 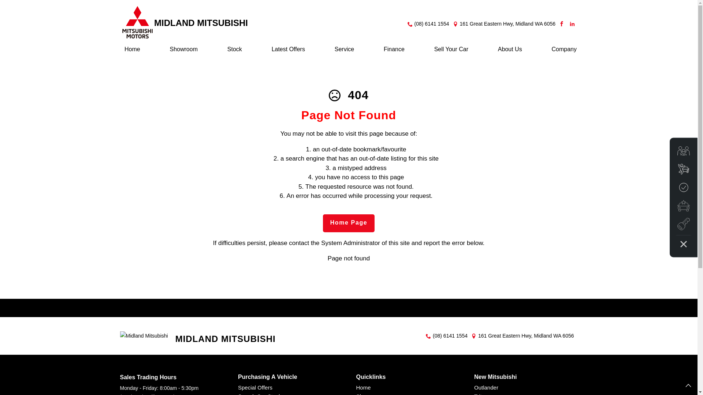 What do you see at coordinates (184, 23) in the screenshot?
I see `'MIDLAND MITSUBISHI'` at bounding box center [184, 23].